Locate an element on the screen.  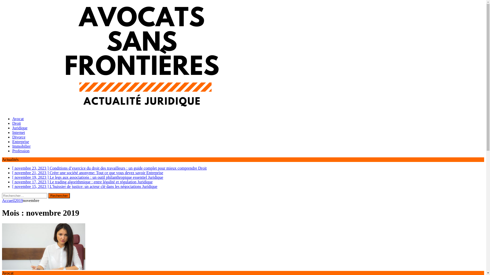
'Internet' is located at coordinates (18, 132).